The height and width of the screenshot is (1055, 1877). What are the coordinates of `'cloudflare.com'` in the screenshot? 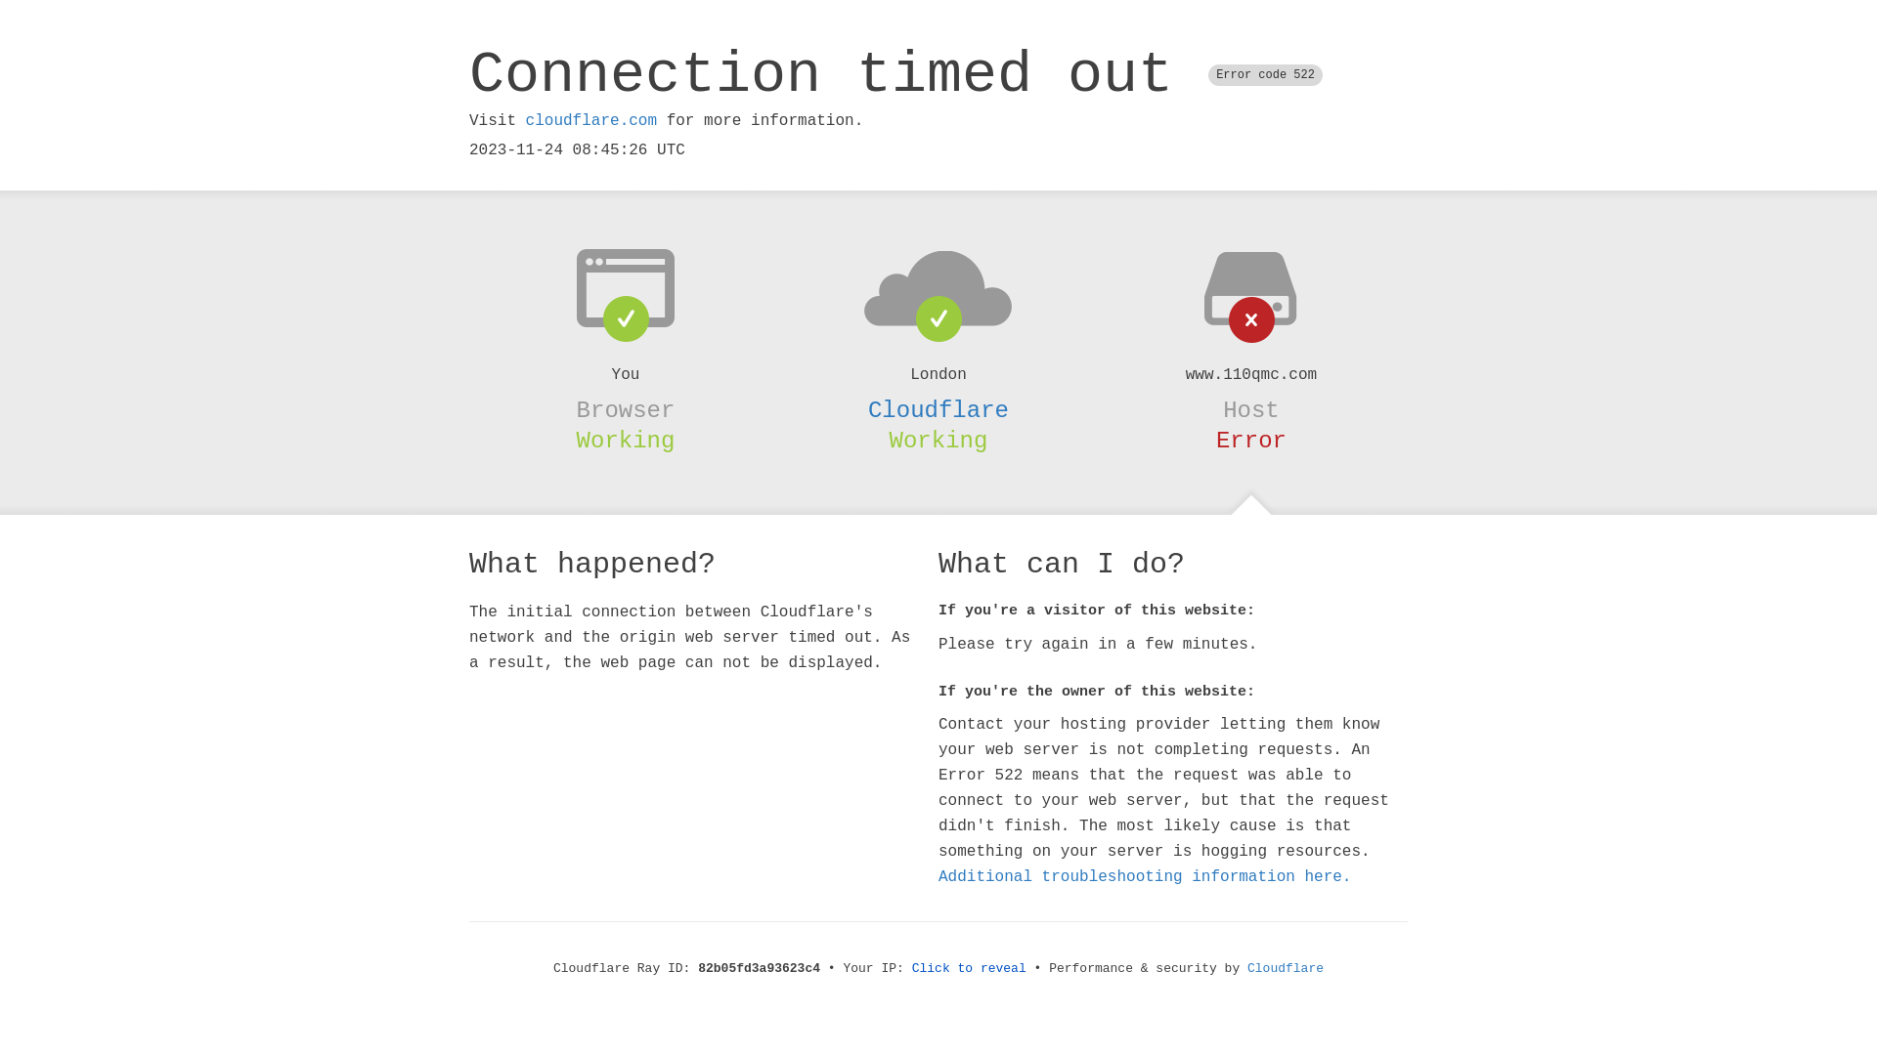 It's located at (589, 120).